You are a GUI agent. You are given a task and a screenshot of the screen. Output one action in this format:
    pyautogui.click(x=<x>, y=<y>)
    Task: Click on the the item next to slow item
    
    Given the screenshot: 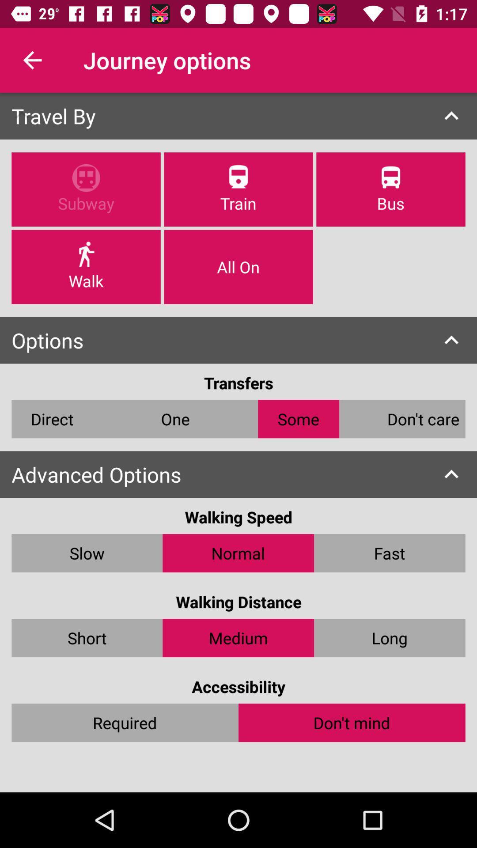 What is the action you would take?
    pyautogui.click(x=238, y=553)
    